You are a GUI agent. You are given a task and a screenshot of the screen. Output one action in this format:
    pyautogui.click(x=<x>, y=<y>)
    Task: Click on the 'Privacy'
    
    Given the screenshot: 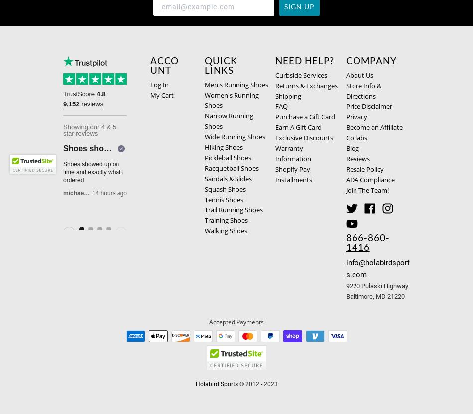 What is the action you would take?
    pyautogui.click(x=356, y=117)
    